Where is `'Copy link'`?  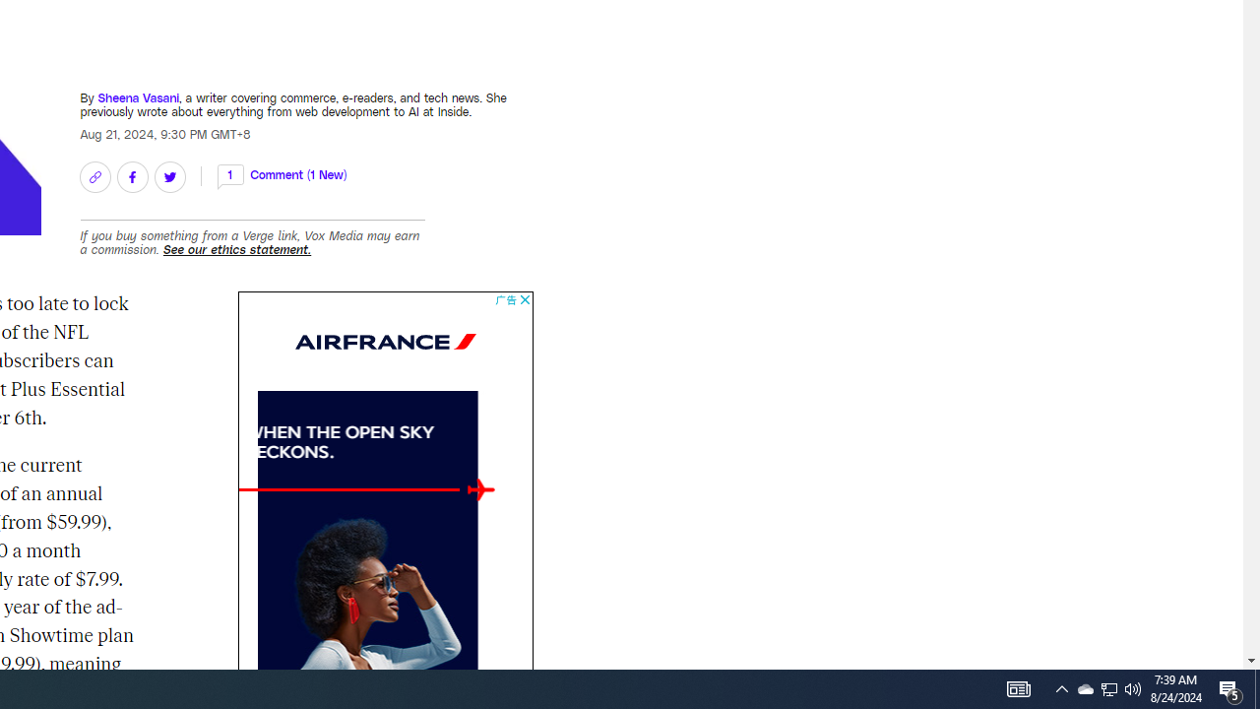 'Copy link' is located at coordinates (94, 175).